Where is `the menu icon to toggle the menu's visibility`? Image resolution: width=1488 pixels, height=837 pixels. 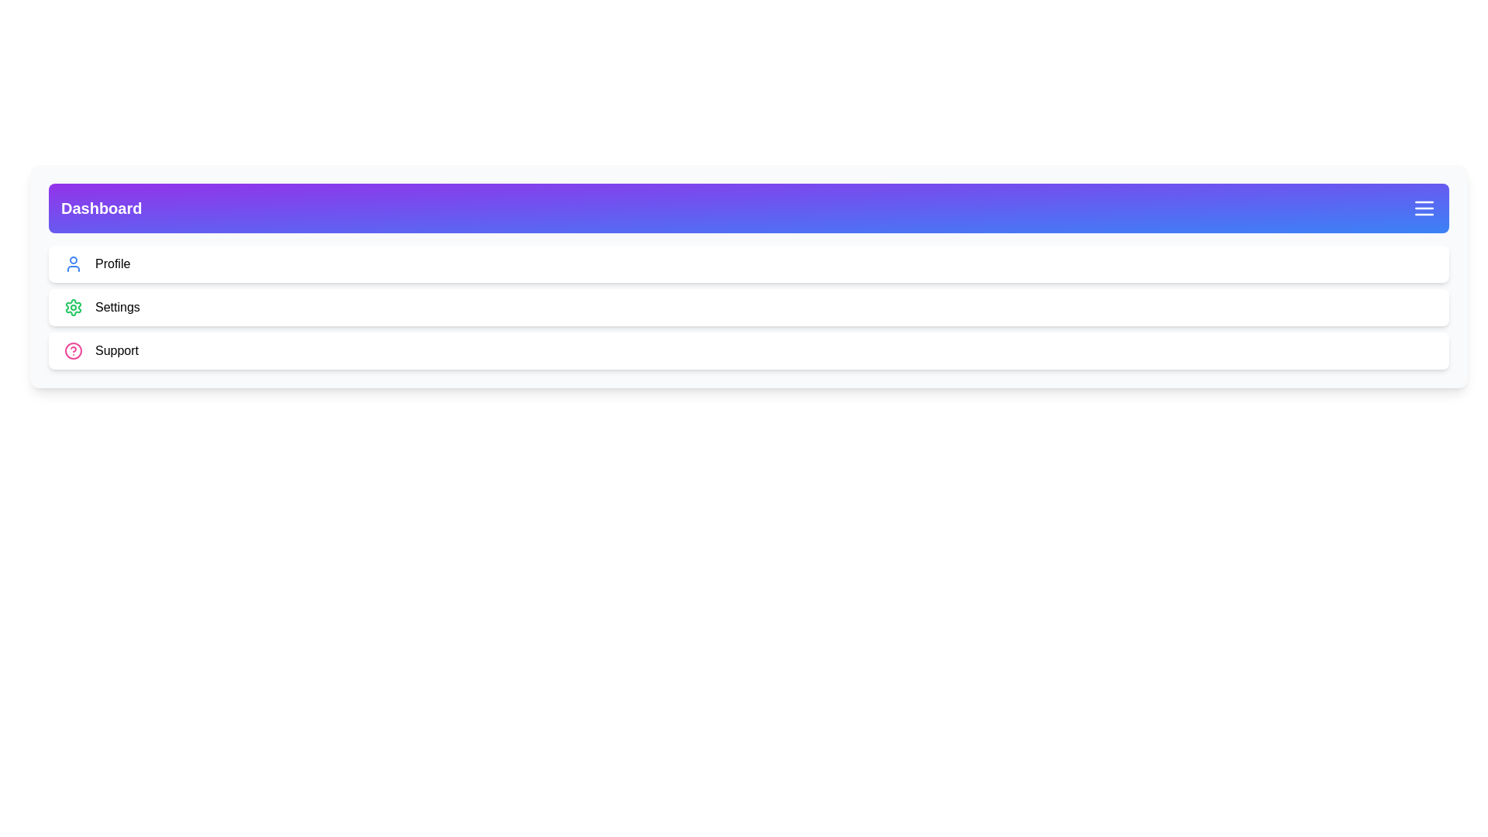
the menu icon to toggle the menu's visibility is located at coordinates (1424, 208).